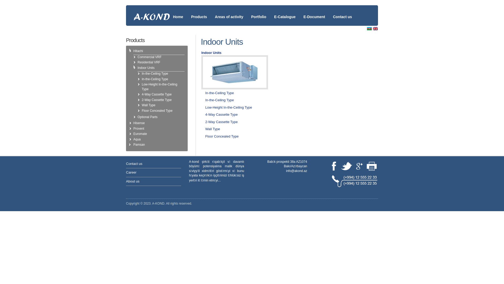  Describe the element at coordinates (141, 94) in the screenshot. I see `'4-Way Cassette Type'` at that location.